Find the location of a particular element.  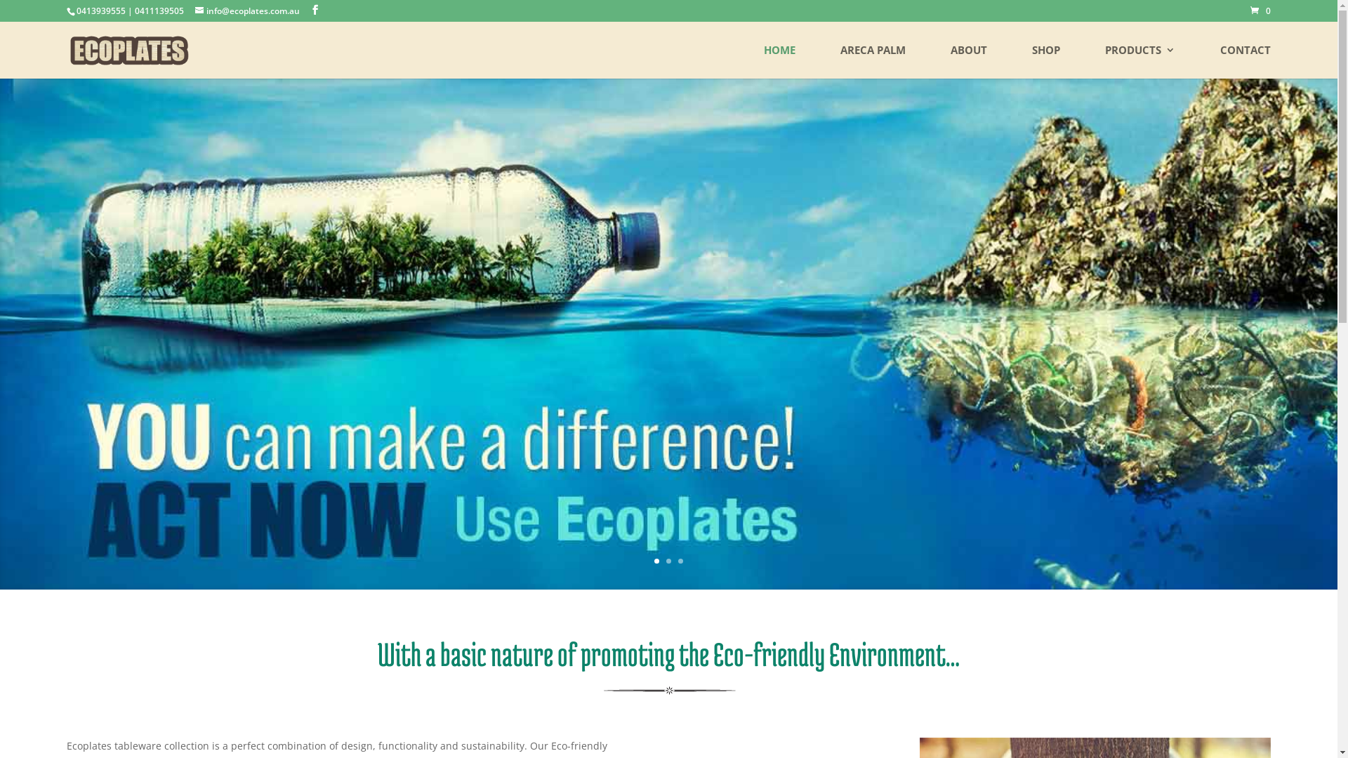

'SHOP' is located at coordinates (1045, 61).